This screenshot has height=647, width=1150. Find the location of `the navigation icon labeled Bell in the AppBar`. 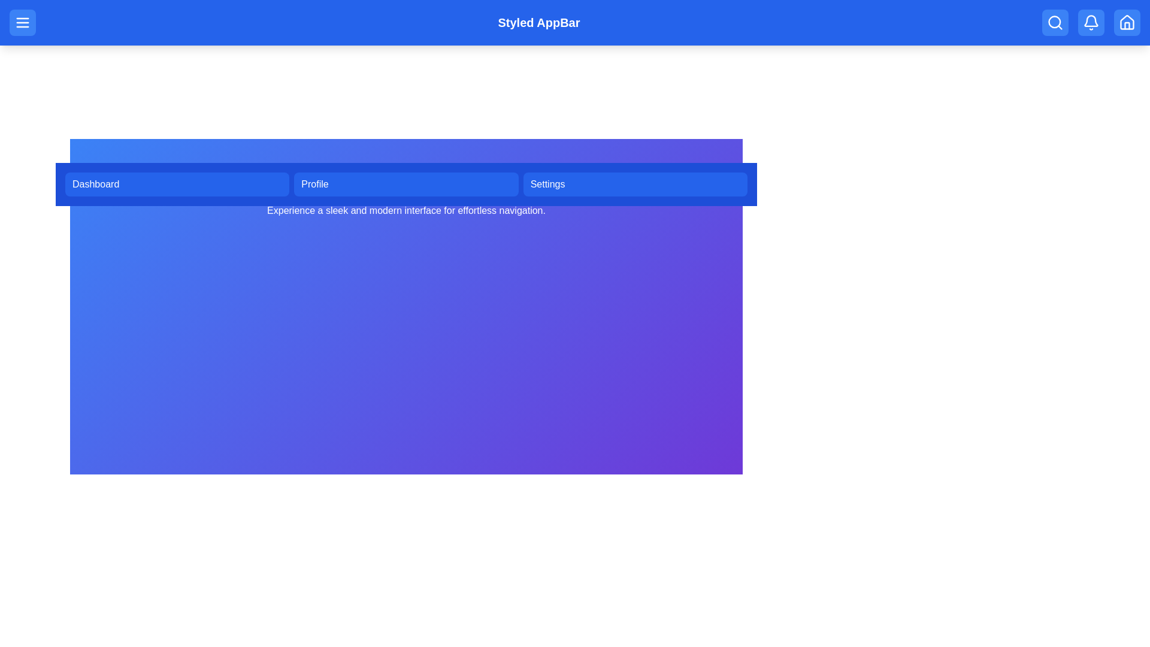

the navigation icon labeled Bell in the AppBar is located at coordinates (1091, 23).